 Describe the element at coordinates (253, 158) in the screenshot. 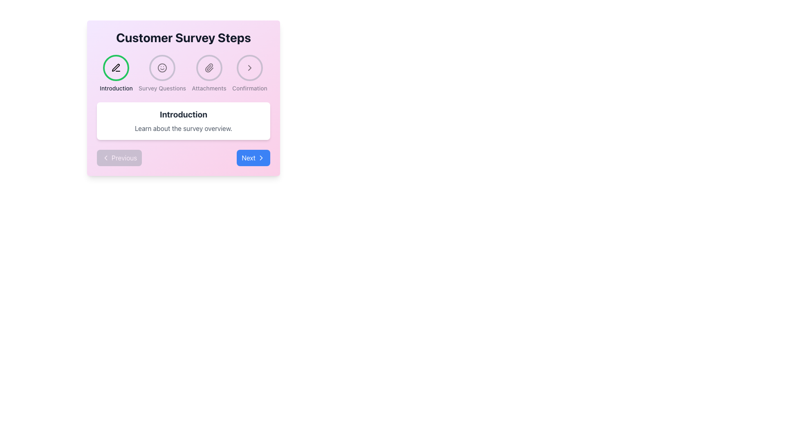

I see `the 'Next' button, which is a rectangular button with a blue background and white text, located in the bottom-right corner of the interface` at that location.